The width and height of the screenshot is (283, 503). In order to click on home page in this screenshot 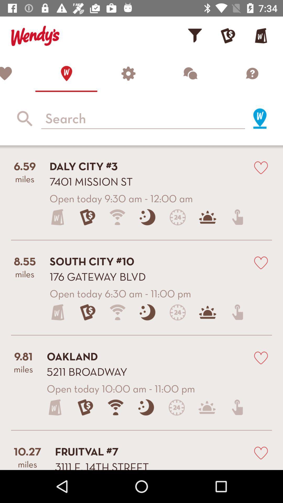, I will do `click(66, 73)`.